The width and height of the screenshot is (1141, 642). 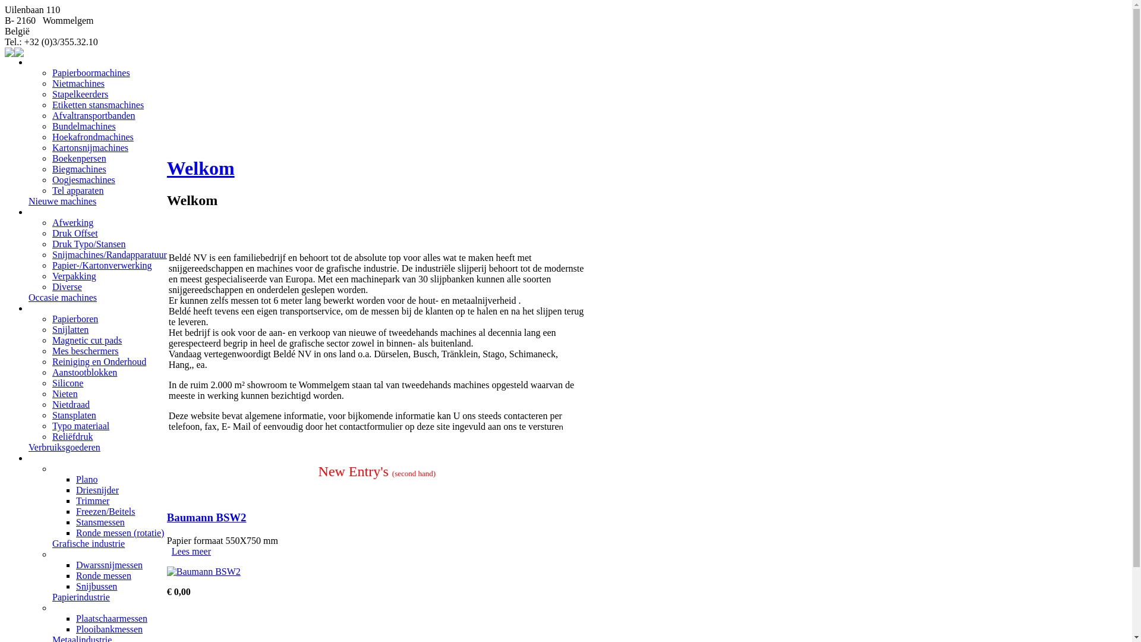 I want to click on 'Mes beschermers', so click(x=85, y=350).